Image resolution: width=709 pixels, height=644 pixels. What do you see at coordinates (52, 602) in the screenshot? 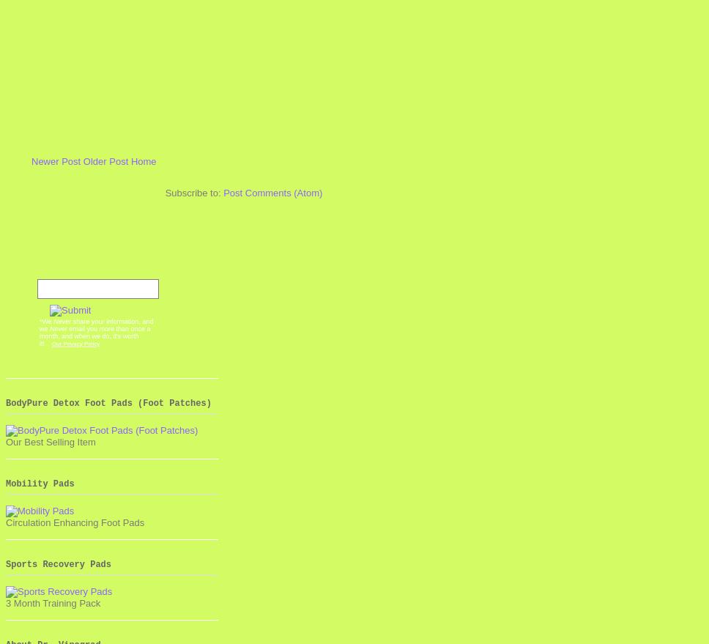
I see `'3 Month Training Pack'` at bounding box center [52, 602].